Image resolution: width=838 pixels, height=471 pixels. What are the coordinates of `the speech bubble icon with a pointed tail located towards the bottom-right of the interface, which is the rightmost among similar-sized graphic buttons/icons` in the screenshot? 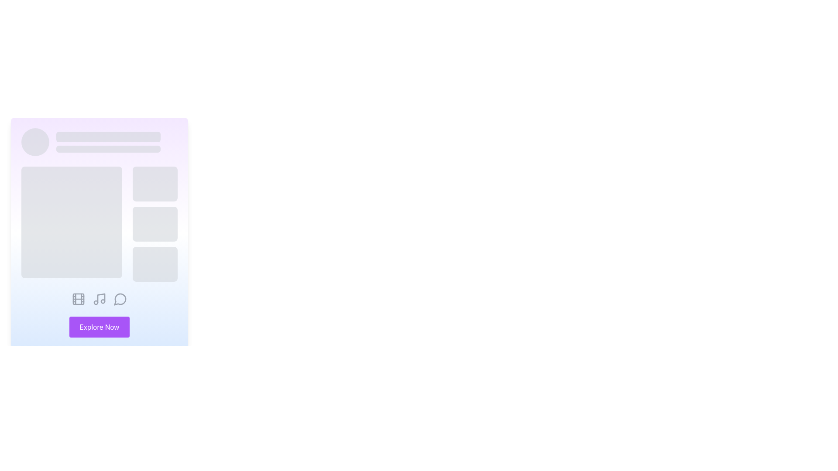 It's located at (120, 299).